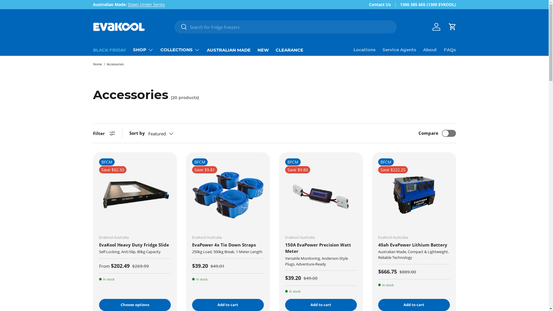 The height and width of the screenshot is (311, 553). I want to click on 'Cart', so click(452, 26).